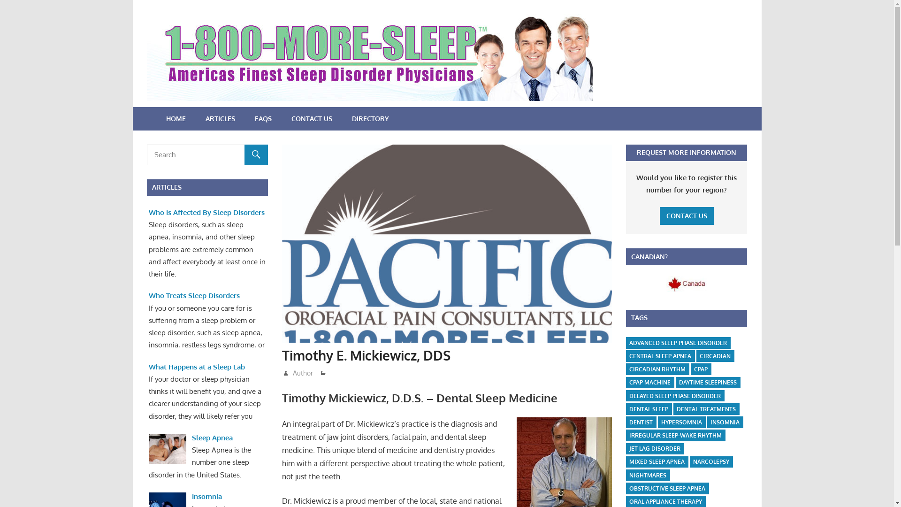 Image resolution: width=901 pixels, height=507 pixels. I want to click on 'Insomnia', so click(191, 496).